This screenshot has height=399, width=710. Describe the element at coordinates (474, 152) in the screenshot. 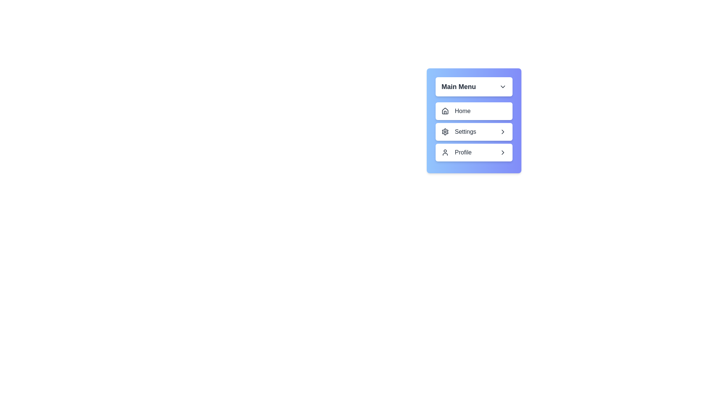

I see `the submenu option Account under the menu item Profile` at that location.